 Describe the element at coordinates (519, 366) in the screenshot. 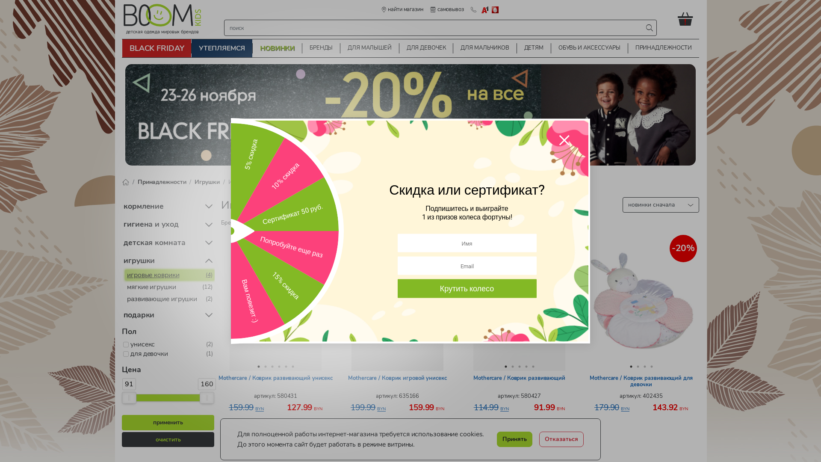

I see `'3'` at that location.